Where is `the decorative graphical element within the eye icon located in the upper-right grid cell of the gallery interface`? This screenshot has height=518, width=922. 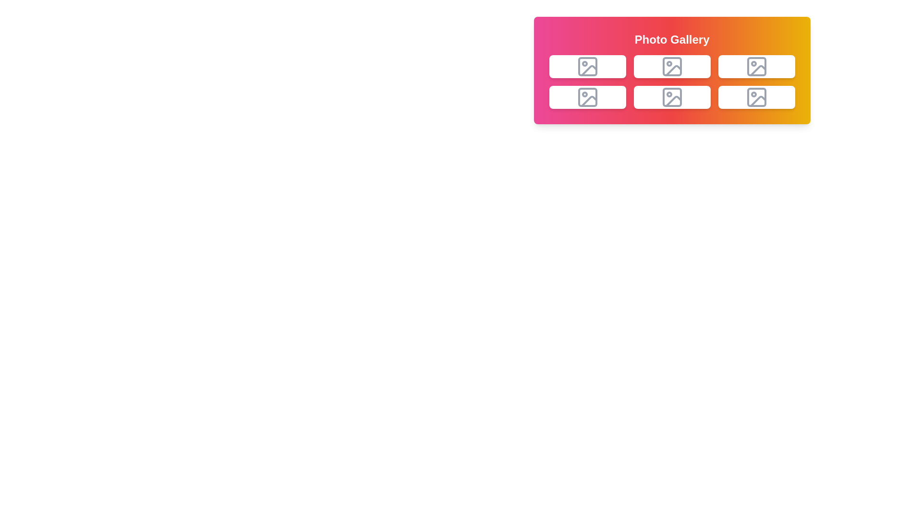 the decorative graphical element within the eye icon located in the upper-right grid cell of the gallery interface is located at coordinates (743, 66).